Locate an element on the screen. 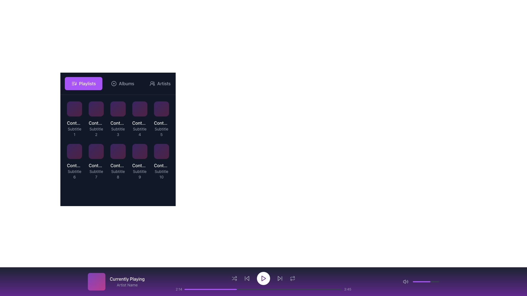 Image resolution: width=527 pixels, height=296 pixels. progress is located at coordinates (194, 289).